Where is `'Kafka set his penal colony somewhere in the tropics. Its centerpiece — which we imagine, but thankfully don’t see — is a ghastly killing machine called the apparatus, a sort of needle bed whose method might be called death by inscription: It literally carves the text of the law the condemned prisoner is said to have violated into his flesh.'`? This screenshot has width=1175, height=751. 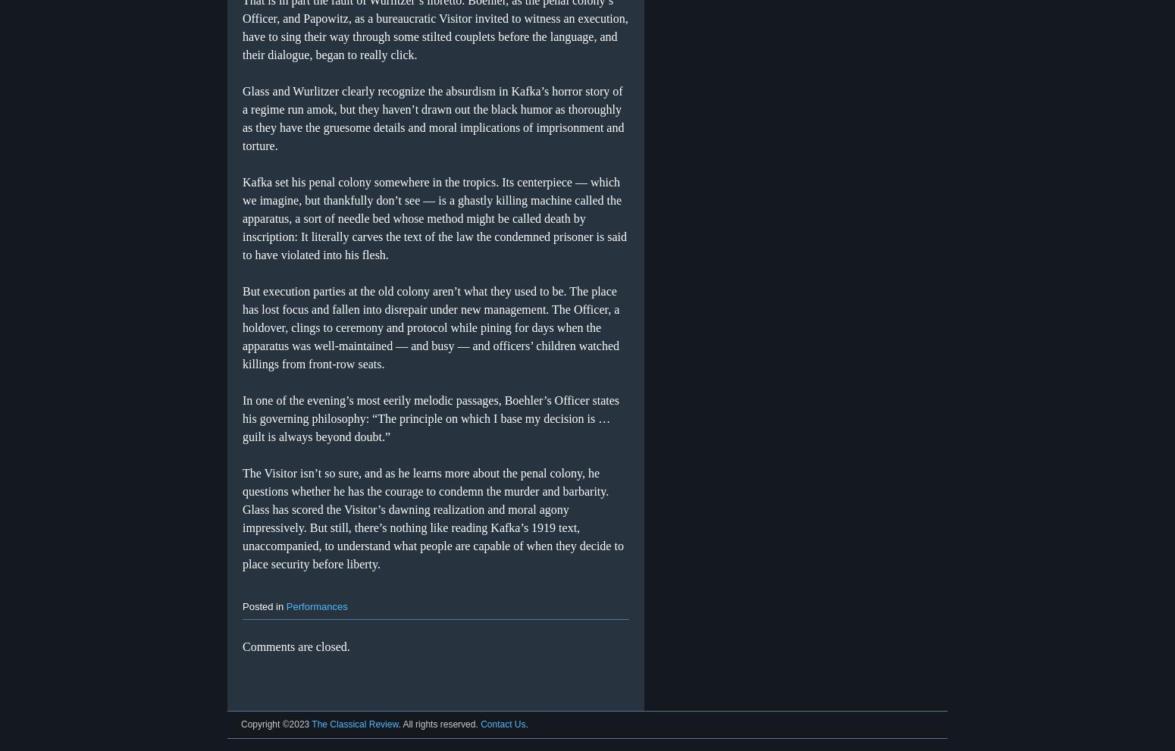 'Kafka set his penal colony somewhere in the tropics. Its centerpiece — which we imagine, but thankfully don’t see — is a ghastly killing machine called the apparatus, a sort of needle bed whose method might be called death by inscription: It literally carves the text of the law the condemned prisoner is said to have violated into his flesh.' is located at coordinates (242, 217).